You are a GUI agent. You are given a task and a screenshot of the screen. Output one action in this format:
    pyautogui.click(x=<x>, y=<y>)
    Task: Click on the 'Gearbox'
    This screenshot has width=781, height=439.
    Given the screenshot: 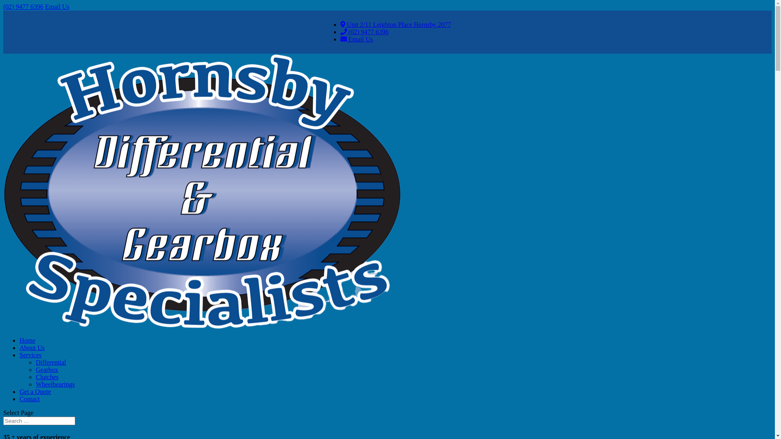 What is the action you would take?
    pyautogui.click(x=46, y=369)
    